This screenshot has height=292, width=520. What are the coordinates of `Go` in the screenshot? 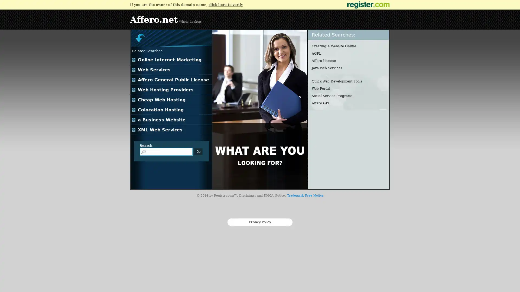 It's located at (198, 151).